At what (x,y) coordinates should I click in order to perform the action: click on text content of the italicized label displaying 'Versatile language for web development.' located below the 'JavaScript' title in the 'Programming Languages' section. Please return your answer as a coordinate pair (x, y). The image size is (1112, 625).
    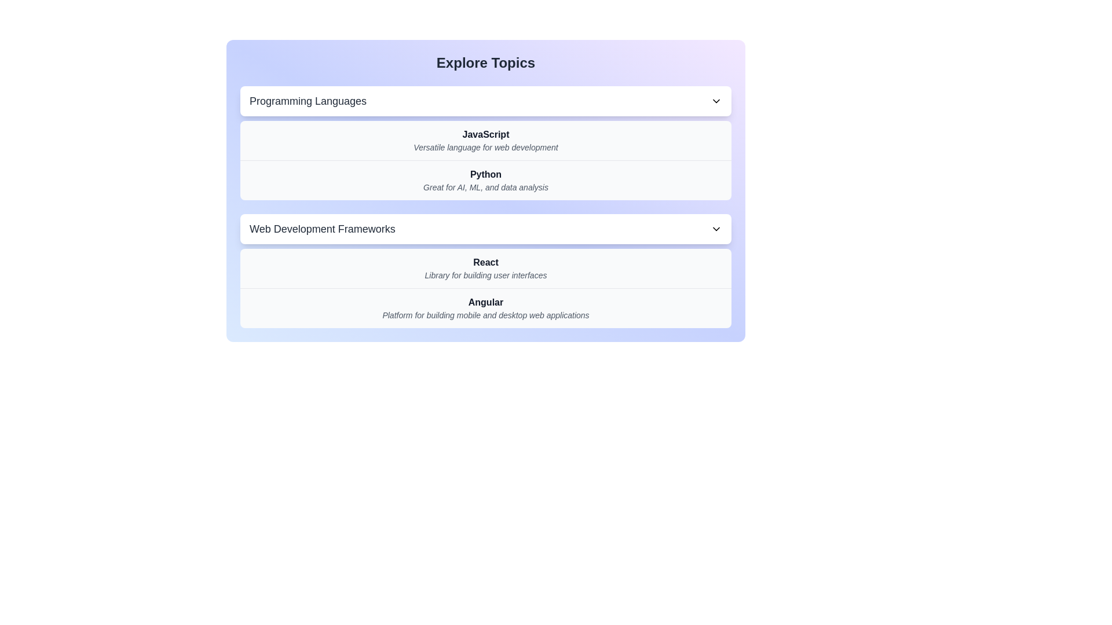
    Looking at the image, I should click on (486, 146).